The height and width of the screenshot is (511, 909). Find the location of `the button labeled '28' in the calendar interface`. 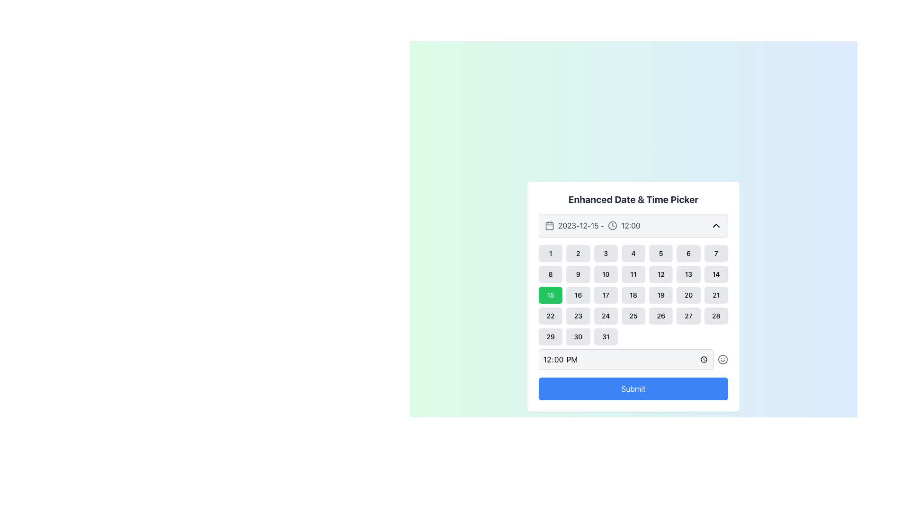

the button labeled '28' in the calendar interface is located at coordinates (716, 316).